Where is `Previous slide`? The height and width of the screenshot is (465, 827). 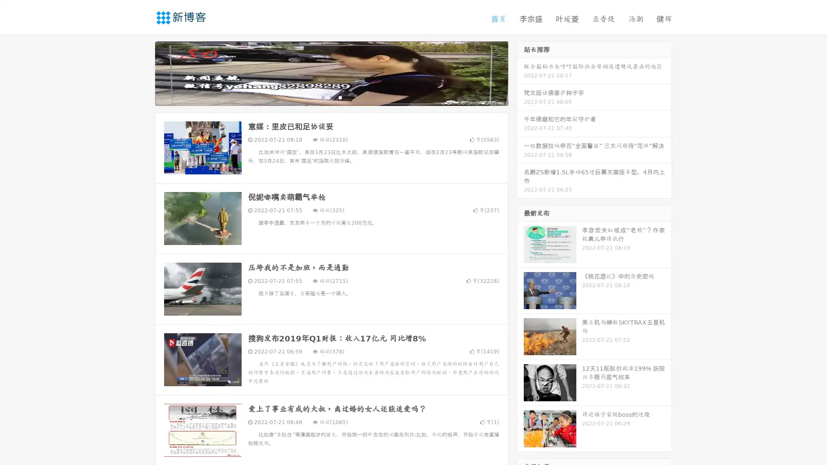 Previous slide is located at coordinates (142, 72).